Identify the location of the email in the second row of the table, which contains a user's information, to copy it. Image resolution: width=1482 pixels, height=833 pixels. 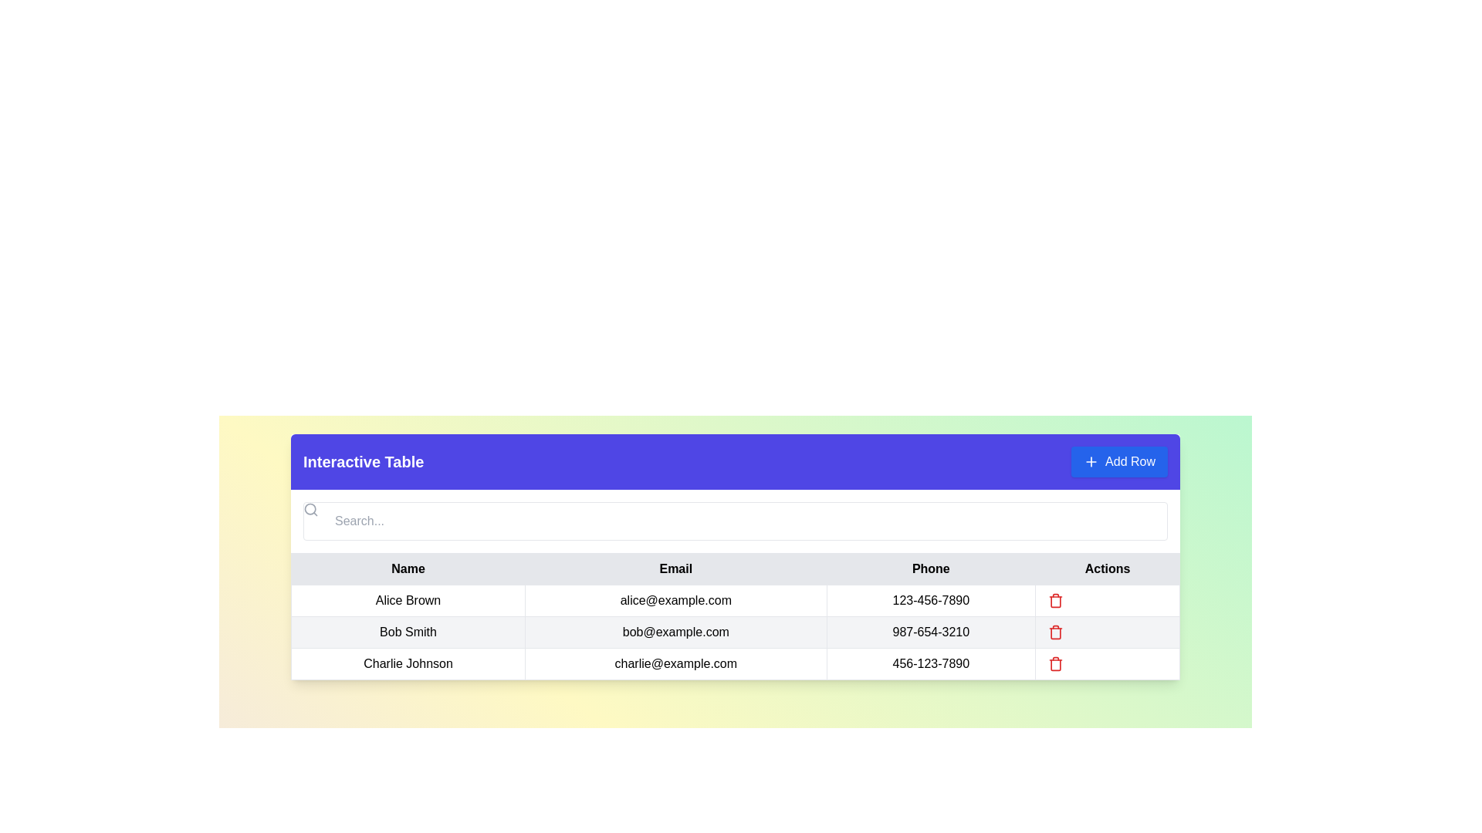
(735, 632).